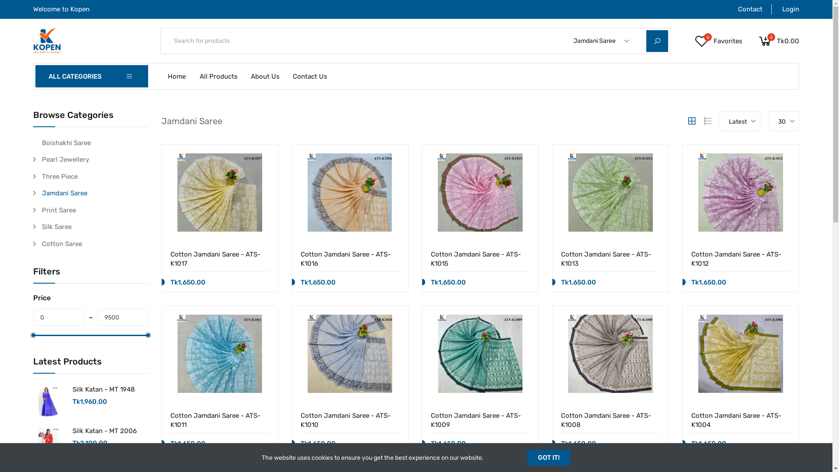  Describe the element at coordinates (95, 176) in the screenshot. I see `'Three Piece'` at that location.